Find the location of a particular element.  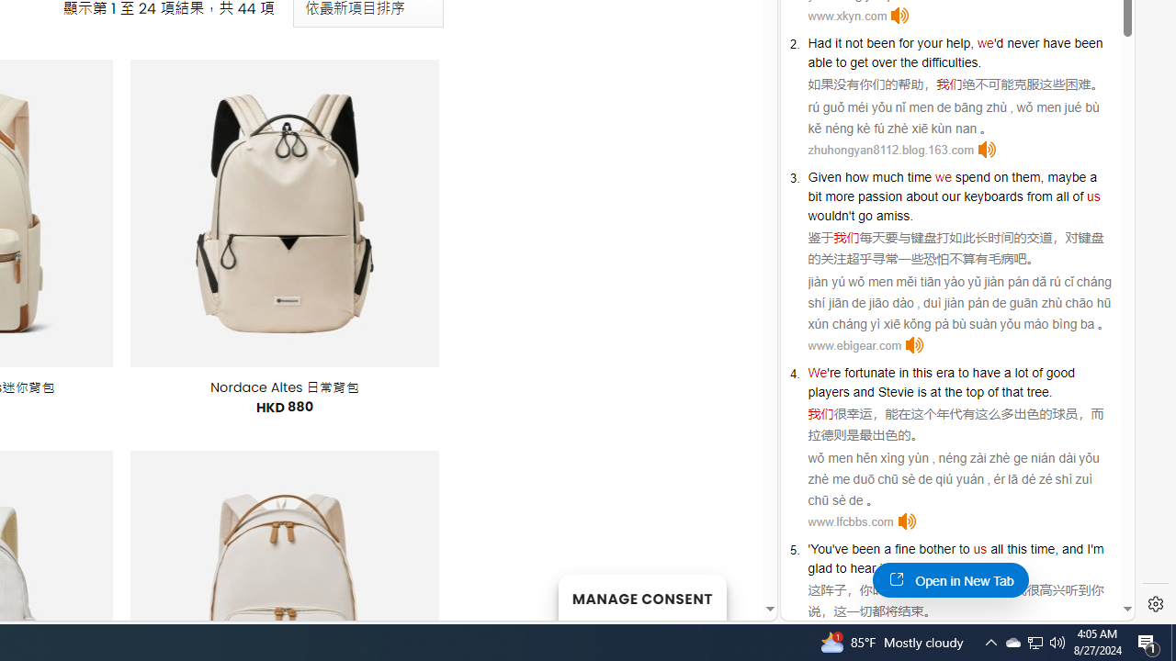

'hear' is located at coordinates (862, 567).